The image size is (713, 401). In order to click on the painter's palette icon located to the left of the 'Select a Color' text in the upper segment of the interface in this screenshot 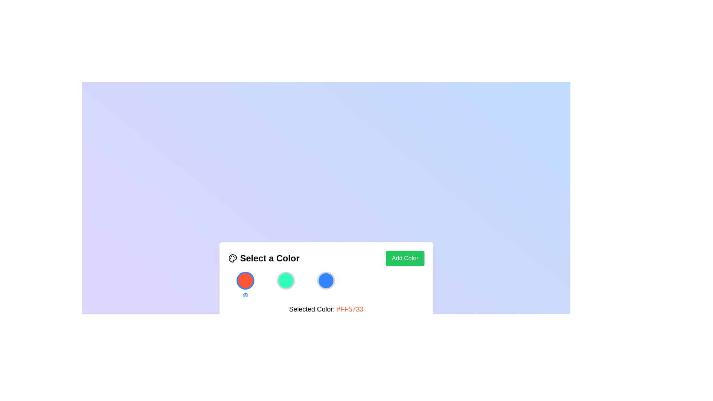, I will do `click(232, 258)`.